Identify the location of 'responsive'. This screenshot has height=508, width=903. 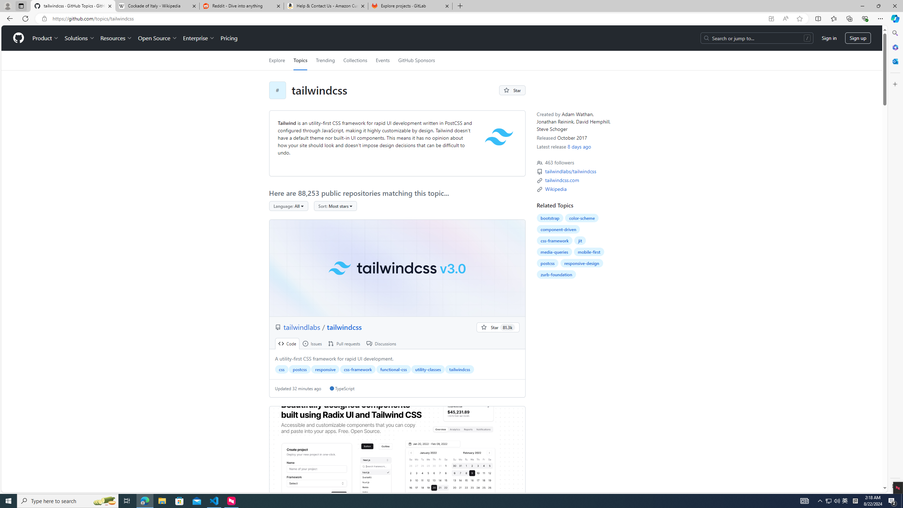
(325, 369).